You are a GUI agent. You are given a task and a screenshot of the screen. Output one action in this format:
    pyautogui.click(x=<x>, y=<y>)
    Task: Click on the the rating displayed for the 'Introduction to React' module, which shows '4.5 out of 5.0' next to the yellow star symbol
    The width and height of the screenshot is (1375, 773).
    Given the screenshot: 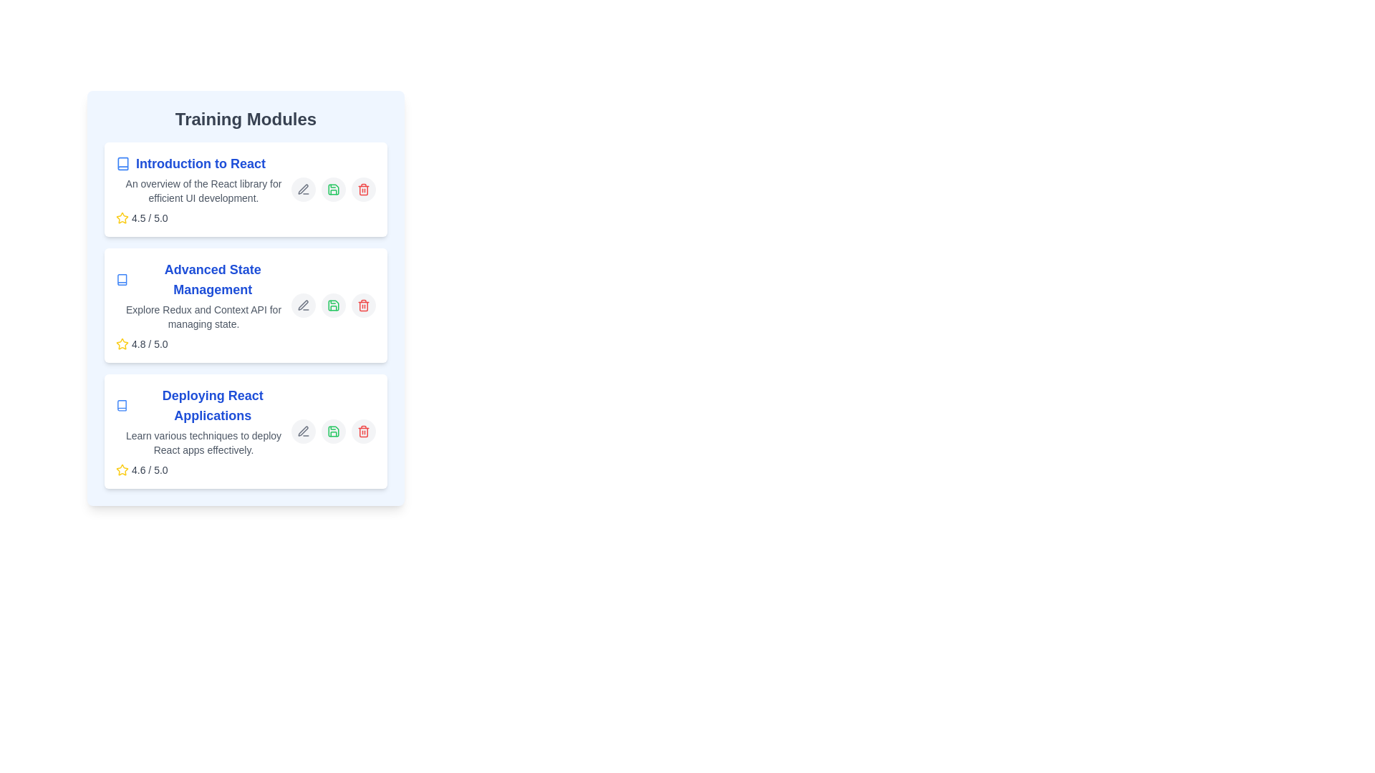 What is the action you would take?
    pyautogui.click(x=150, y=218)
    